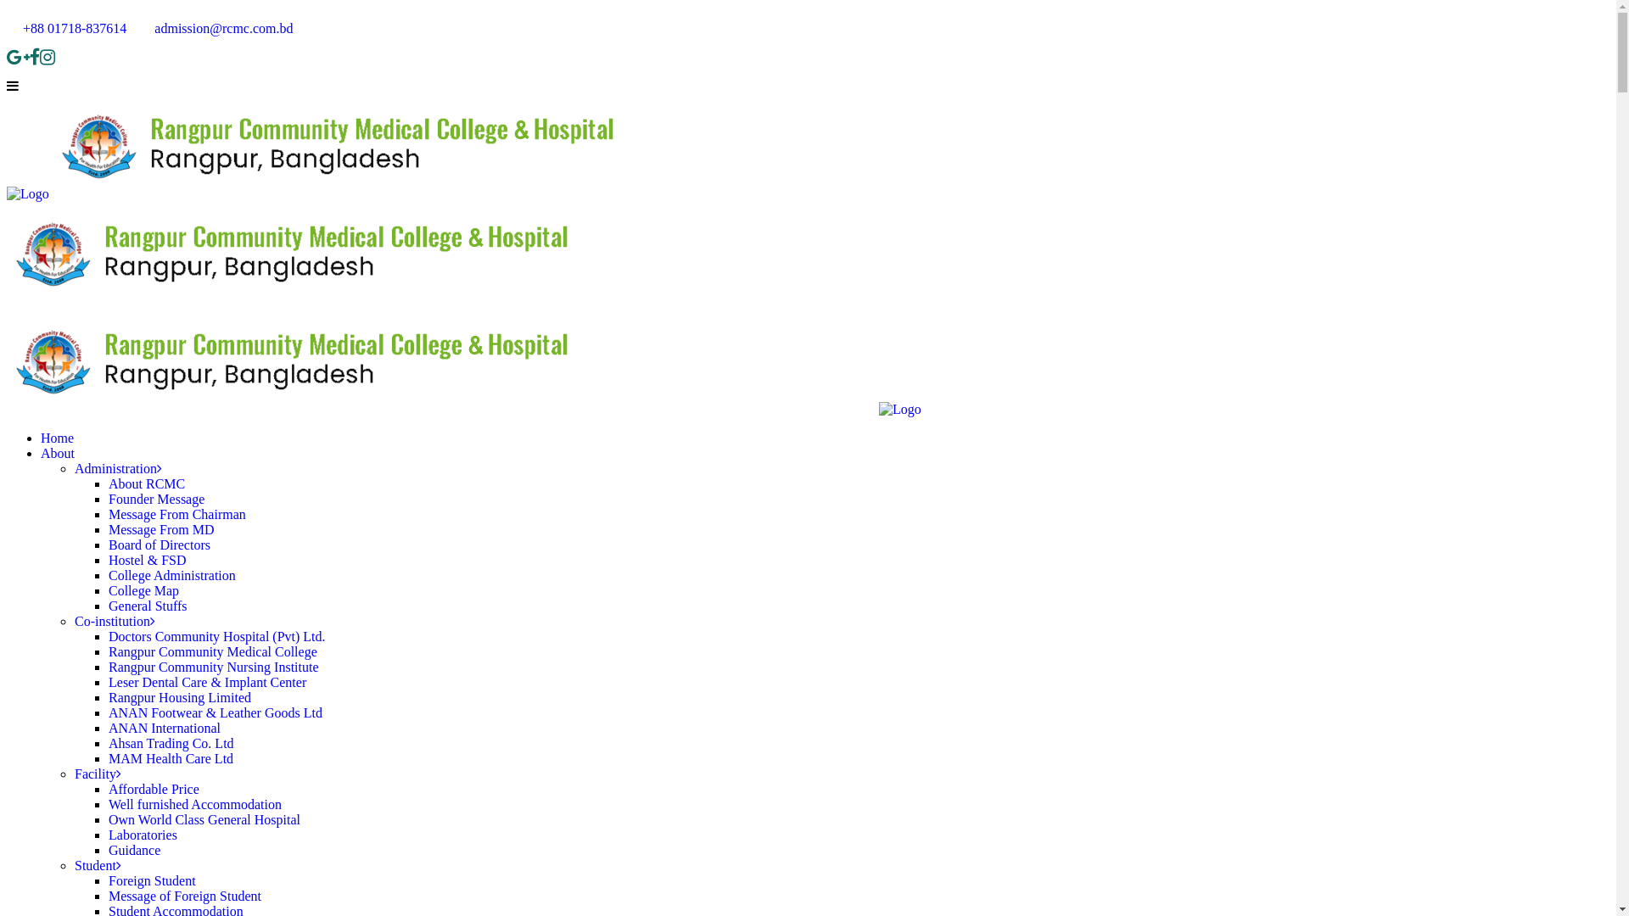  I want to click on 'Own World Class General Hospital', so click(204, 818).